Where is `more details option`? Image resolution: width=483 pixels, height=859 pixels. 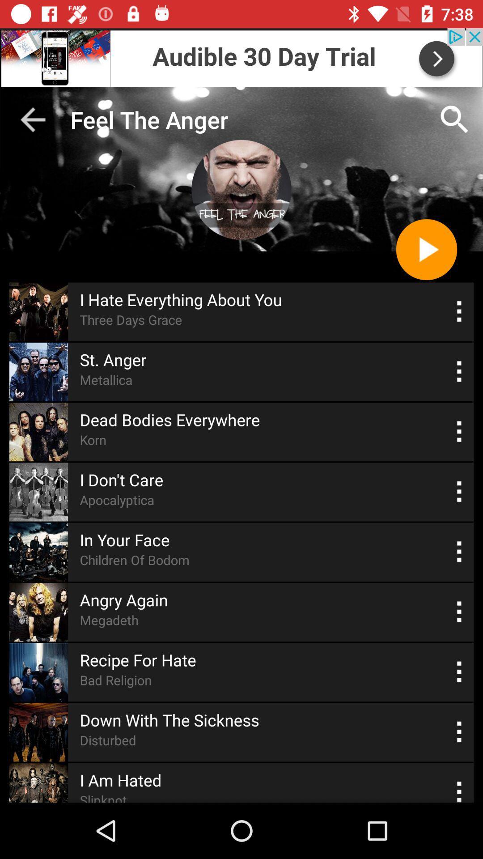 more details option is located at coordinates (459, 790).